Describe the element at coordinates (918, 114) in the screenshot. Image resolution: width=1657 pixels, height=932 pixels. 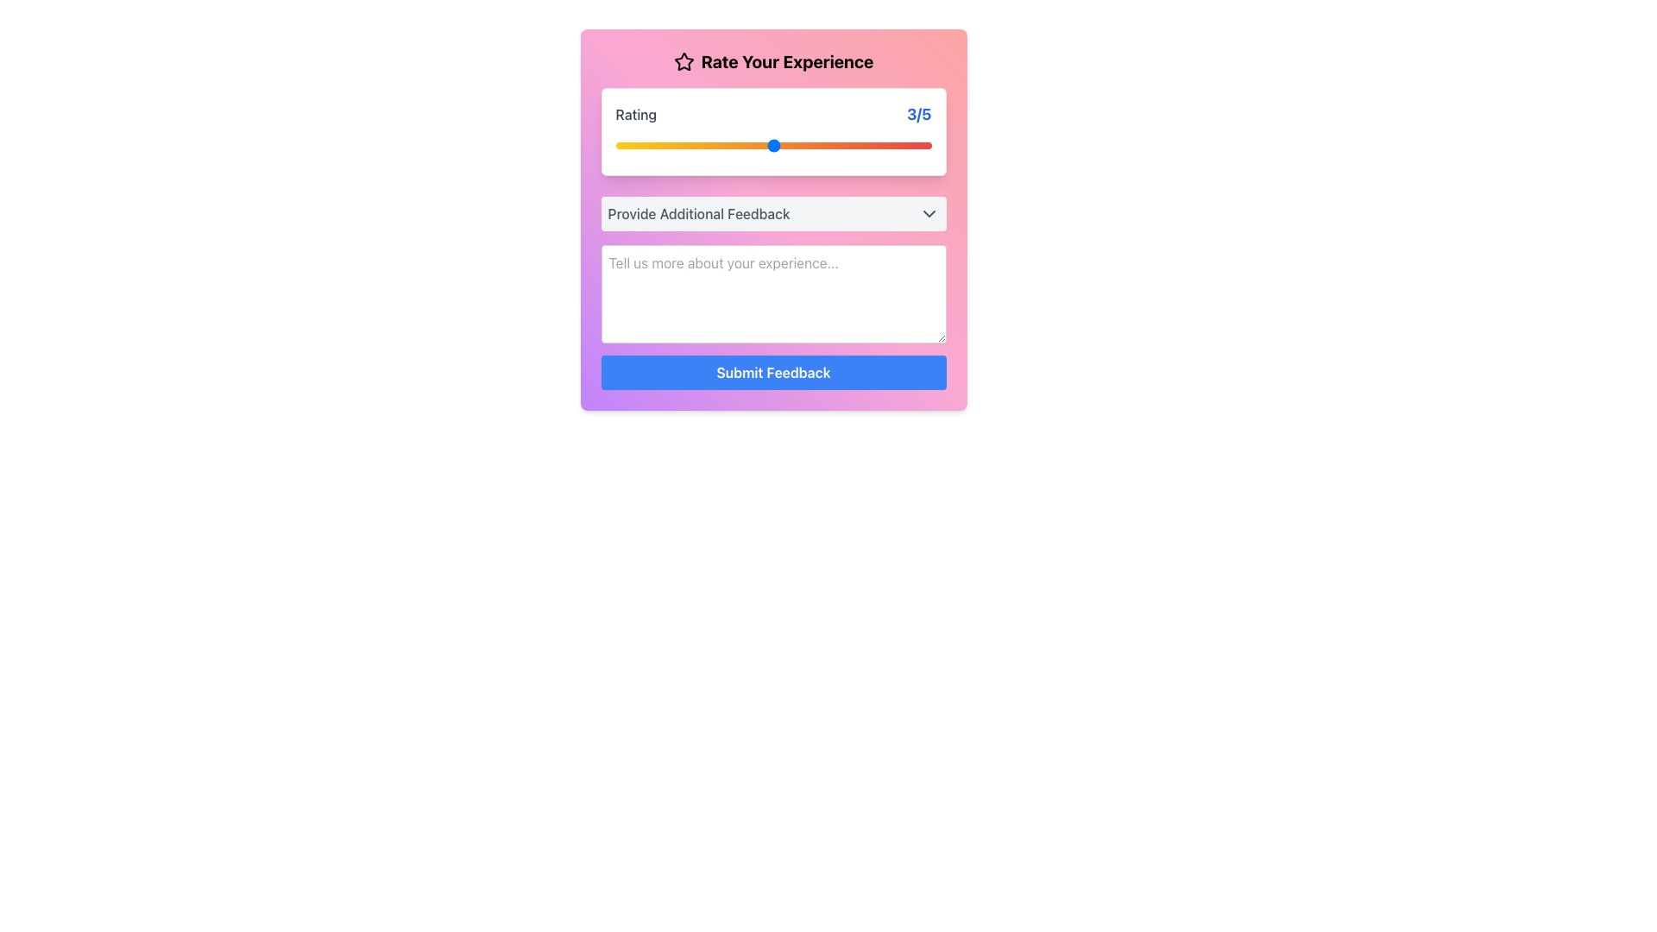
I see `the Static Text element displaying the current rating, which is located to the far right of the layout, adjacent to the 'Rating' label` at that location.